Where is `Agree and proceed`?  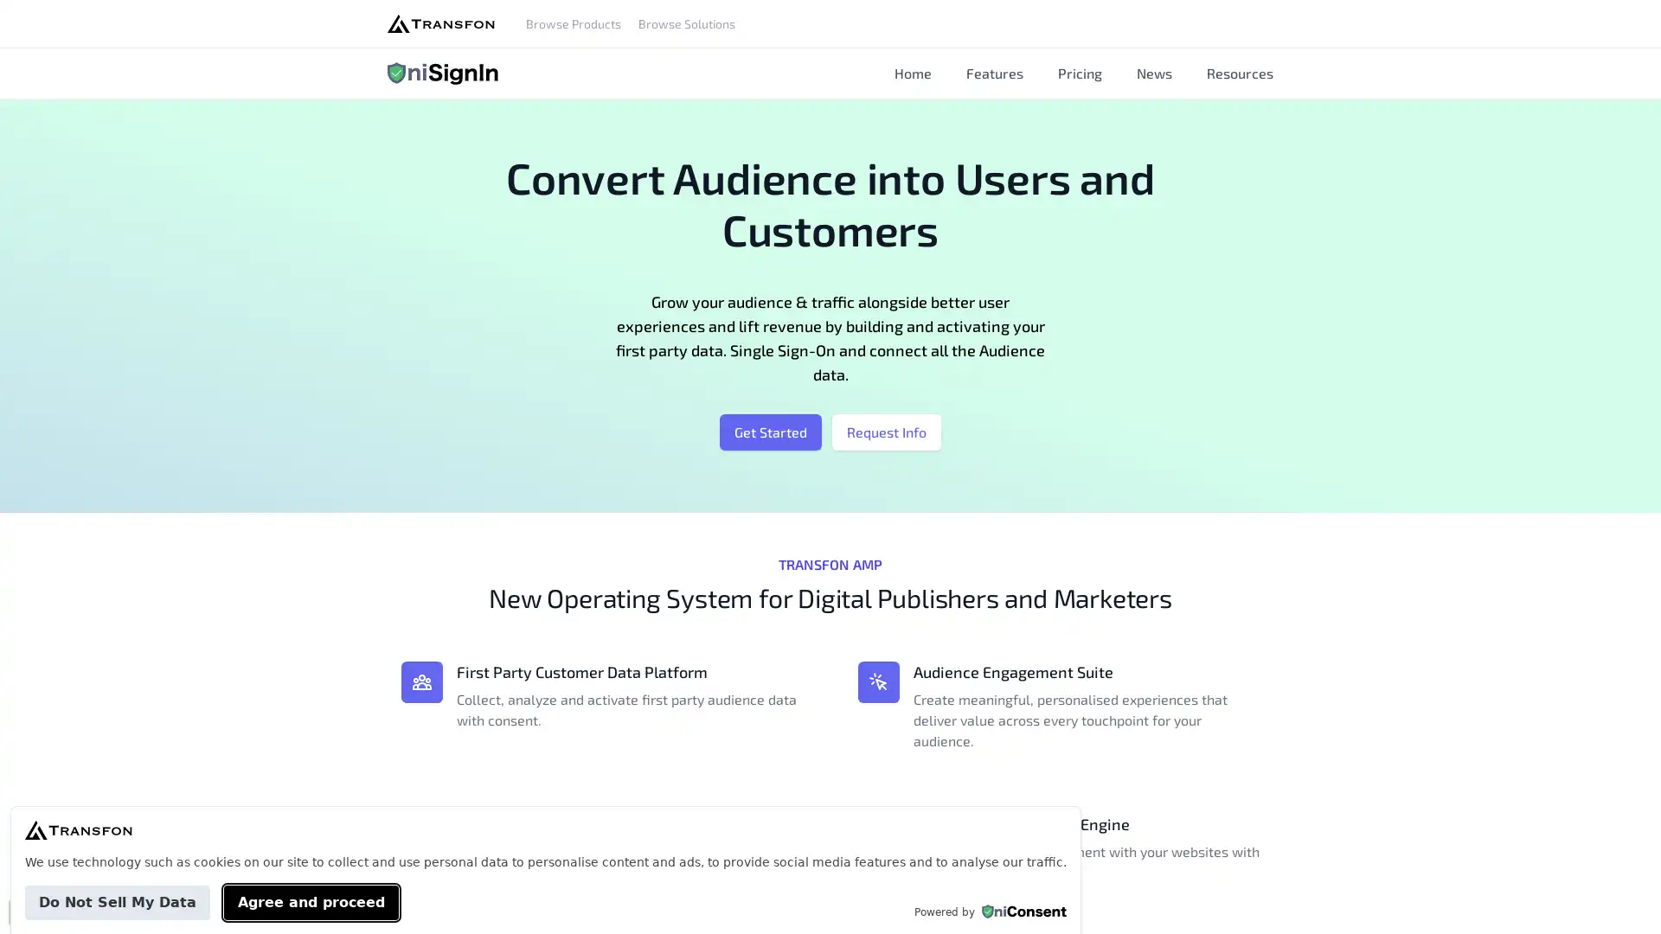 Agree and proceed is located at coordinates (311, 902).